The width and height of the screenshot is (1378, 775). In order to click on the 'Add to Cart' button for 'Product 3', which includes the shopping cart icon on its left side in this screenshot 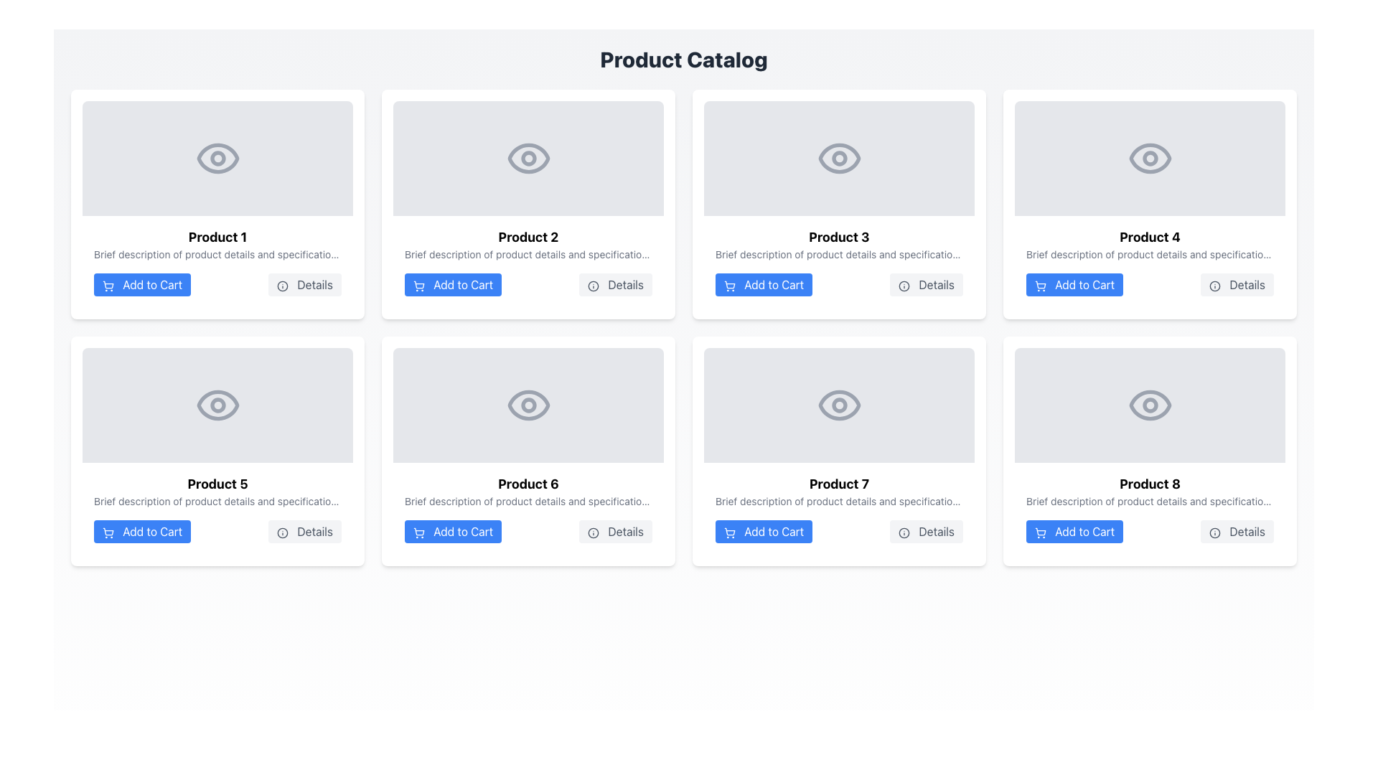, I will do `click(730, 285)`.